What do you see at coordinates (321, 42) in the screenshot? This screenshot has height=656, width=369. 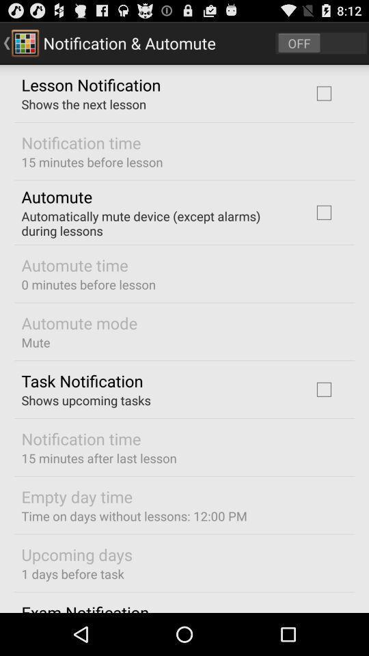 I see `on off switch` at bounding box center [321, 42].